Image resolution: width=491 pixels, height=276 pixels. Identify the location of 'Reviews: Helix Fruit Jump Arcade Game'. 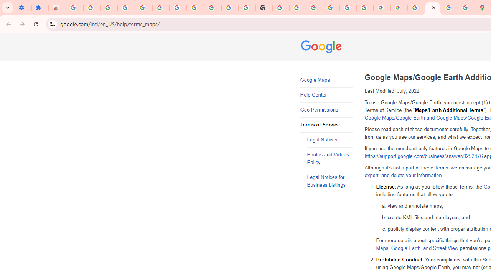
(57, 8).